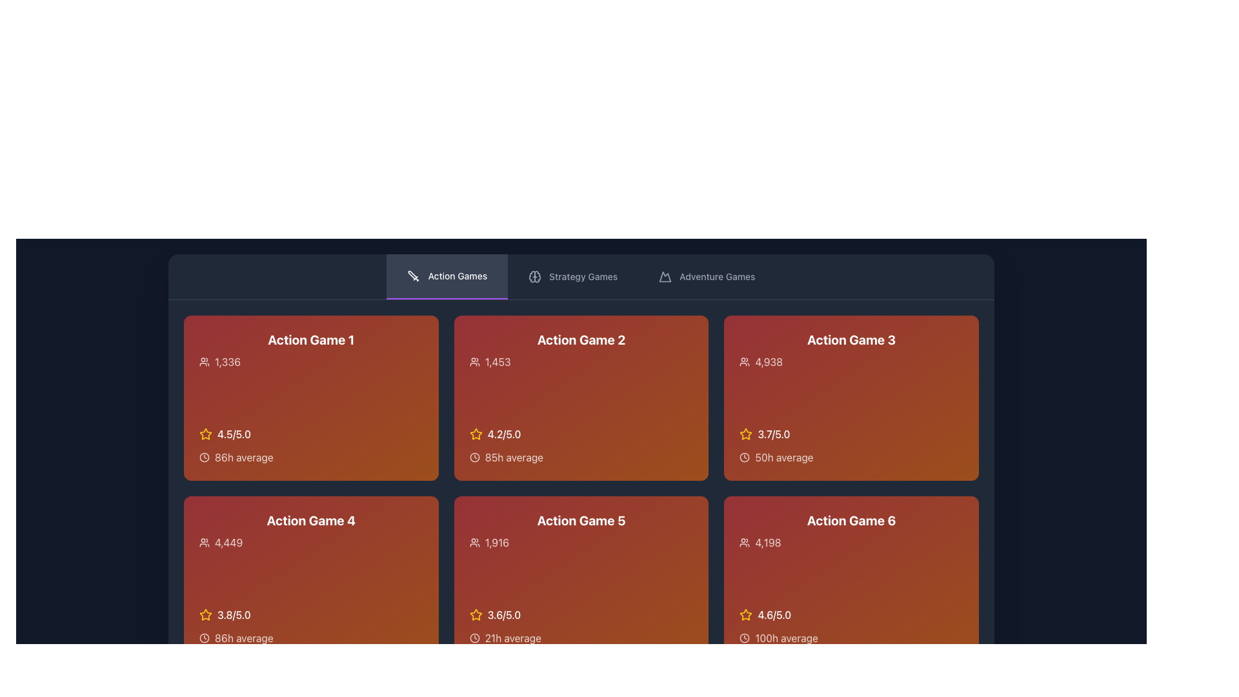  What do you see at coordinates (311, 520) in the screenshot?
I see `text displayed in the text label that shows 'Action Game 4' in white font on a reddish-orange background, located at the bottom-left of the game information panels` at bounding box center [311, 520].